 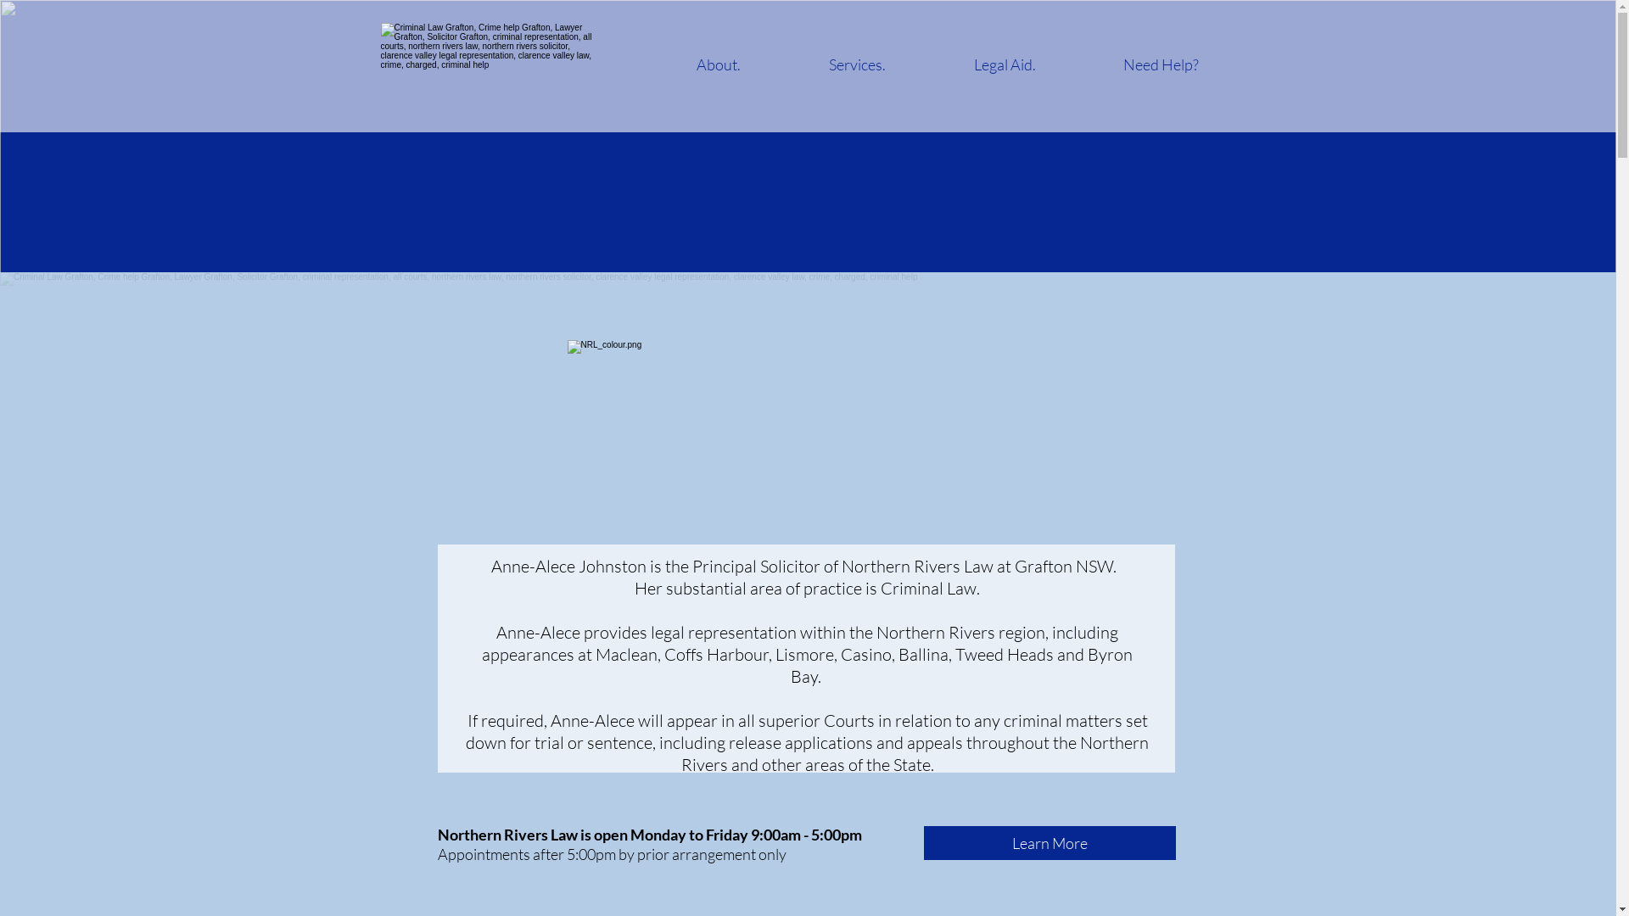 I want to click on 'Need Help?', so click(x=1078, y=64).